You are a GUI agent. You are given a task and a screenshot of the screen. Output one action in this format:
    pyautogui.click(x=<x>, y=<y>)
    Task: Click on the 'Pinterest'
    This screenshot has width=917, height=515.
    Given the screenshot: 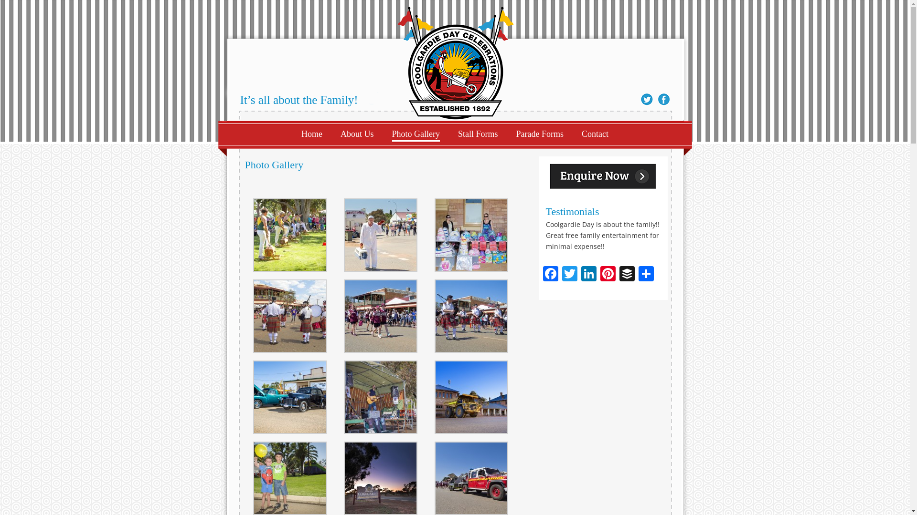 What is the action you would take?
    pyautogui.click(x=607, y=274)
    